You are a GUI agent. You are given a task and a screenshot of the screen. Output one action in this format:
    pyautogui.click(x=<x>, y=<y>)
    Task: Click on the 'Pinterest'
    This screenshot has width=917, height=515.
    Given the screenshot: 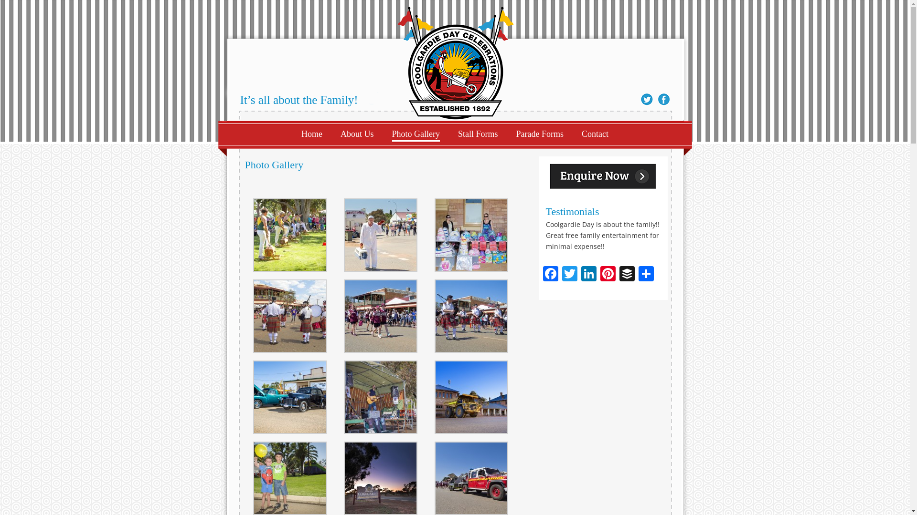 What is the action you would take?
    pyautogui.click(x=607, y=274)
    